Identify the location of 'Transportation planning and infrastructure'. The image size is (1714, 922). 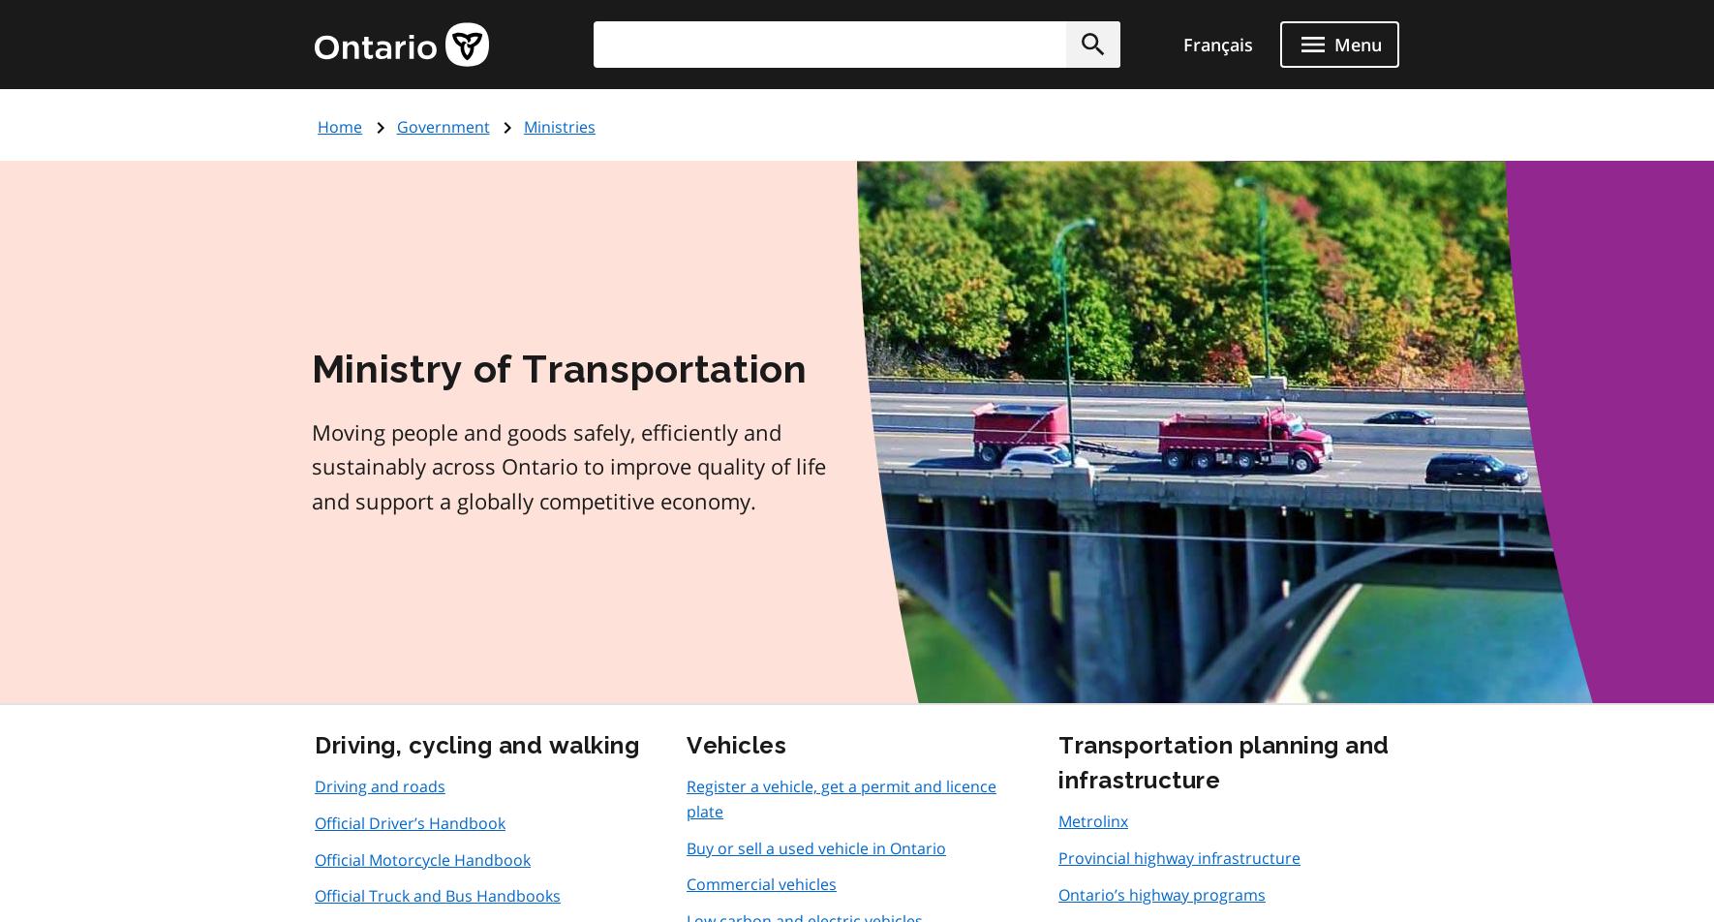
(1222, 762).